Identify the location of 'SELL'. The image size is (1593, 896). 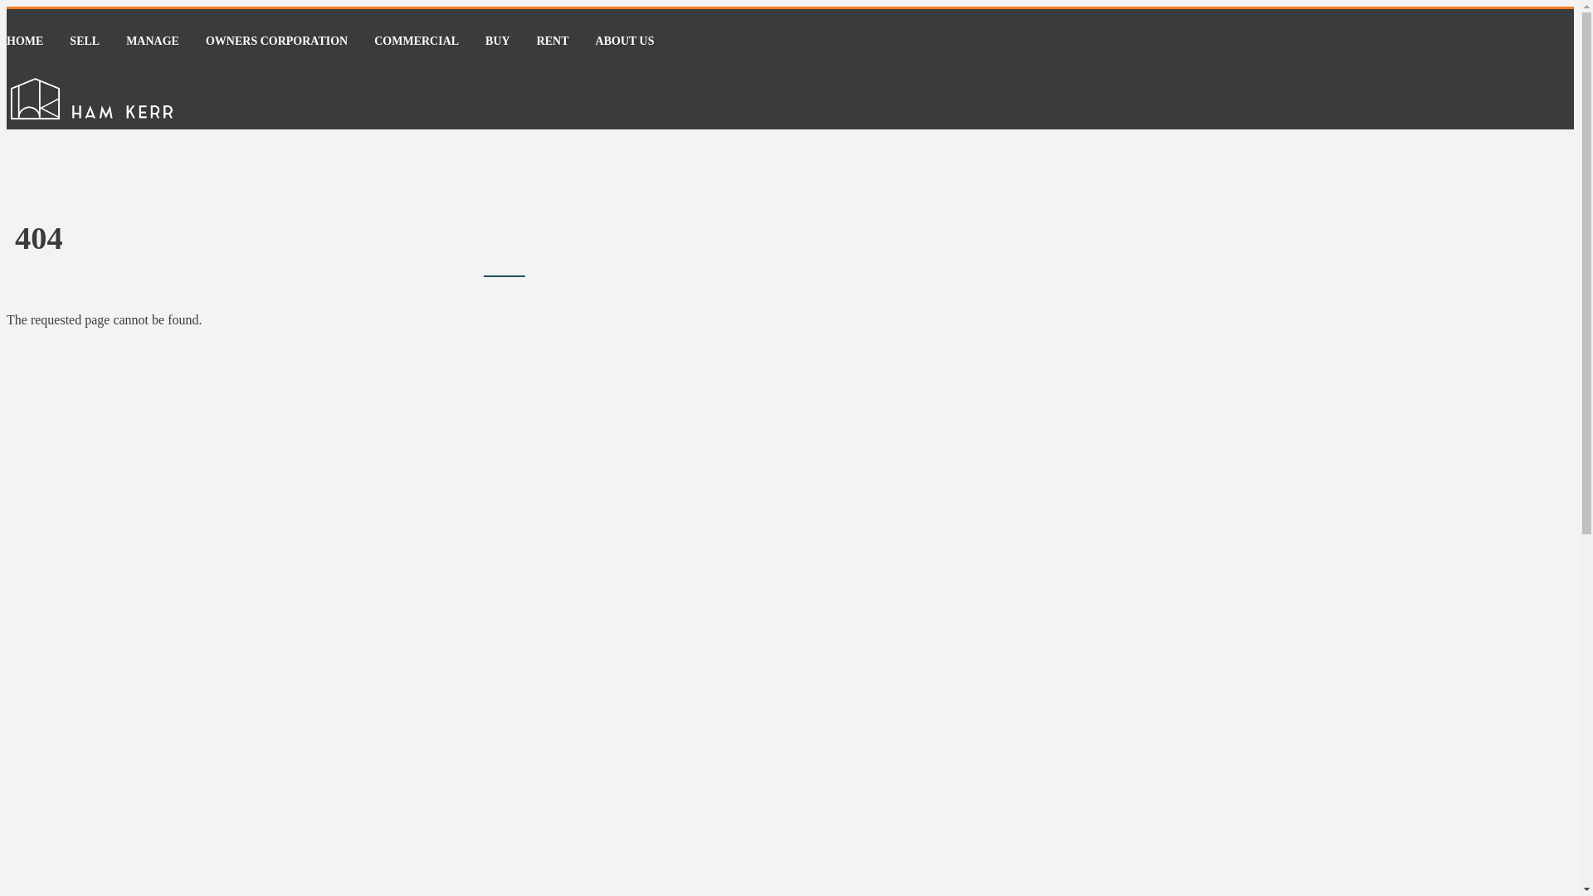
(83, 41).